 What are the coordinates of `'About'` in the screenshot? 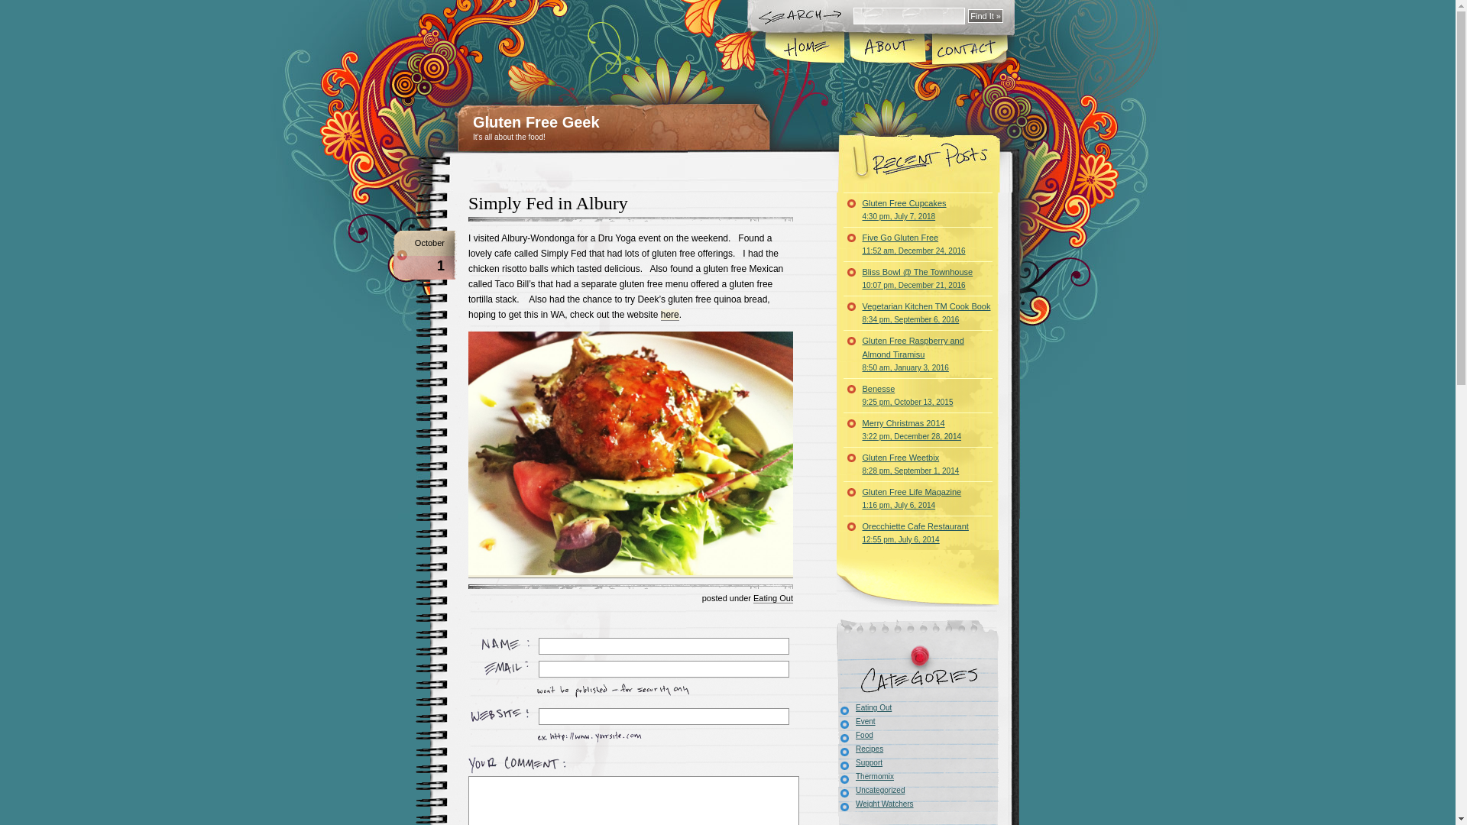 It's located at (887, 48).